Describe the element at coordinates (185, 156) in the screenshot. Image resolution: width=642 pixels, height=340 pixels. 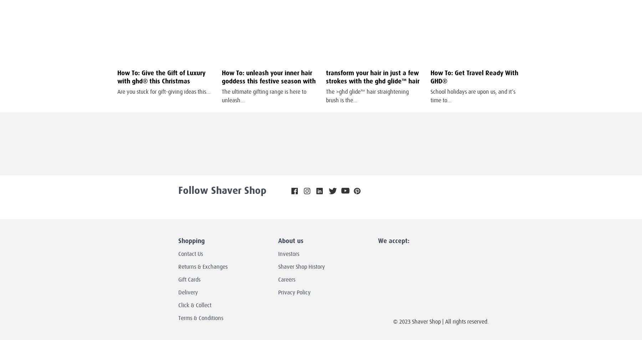
I see `'your first order over $100'` at that location.